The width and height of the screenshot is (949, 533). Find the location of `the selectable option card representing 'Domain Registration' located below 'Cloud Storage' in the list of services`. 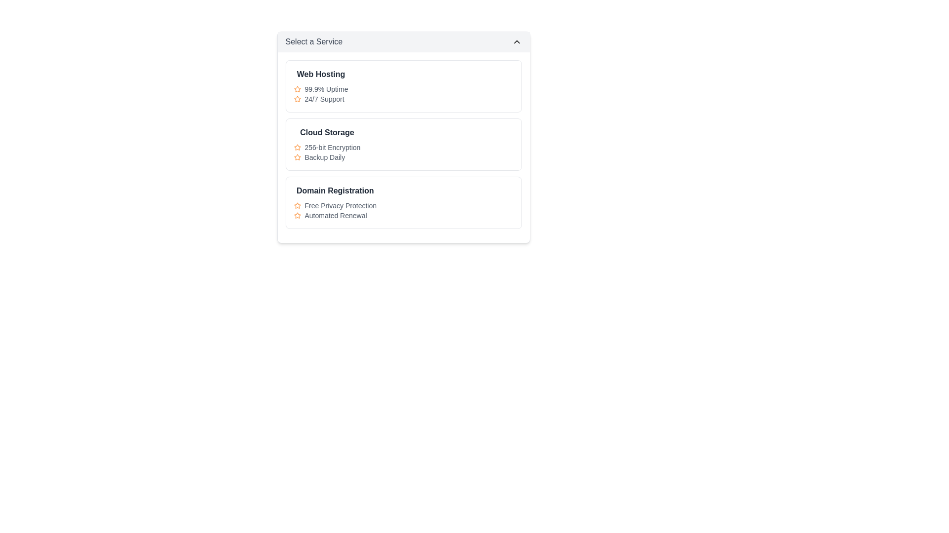

the selectable option card representing 'Domain Registration' located below 'Cloud Storage' in the list of services is located at coordinates (403, 202).